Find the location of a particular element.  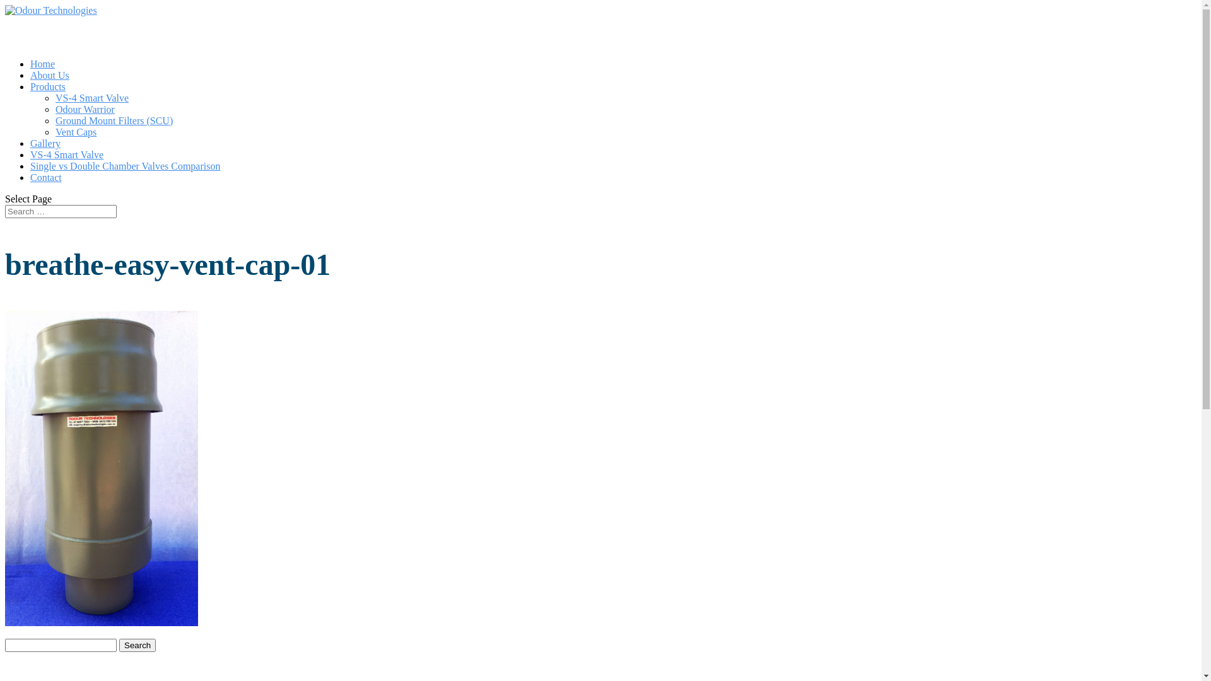

'About Us' is located at coordinates (49, 91).